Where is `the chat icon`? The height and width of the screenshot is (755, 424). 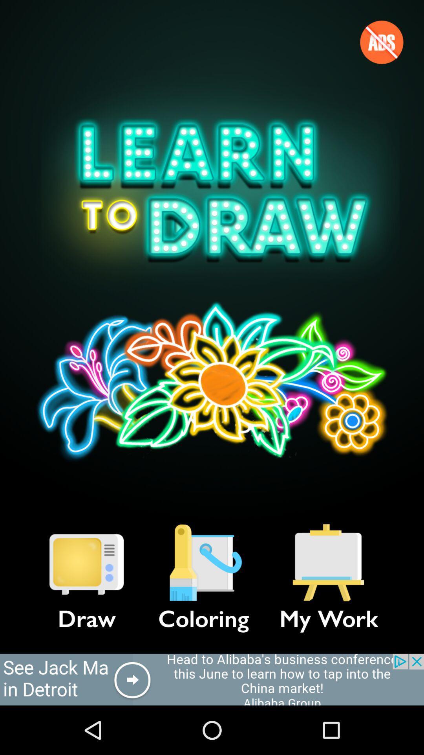
the chat icon is located at coordinates (86, 562).